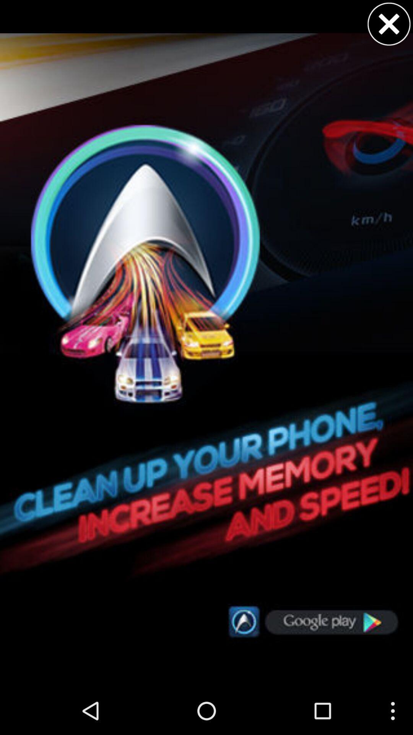 This screenshot has height=735, width=413. What do you see at coordinates (389, 24) in the screenshot?
I see `the icon at the top right corner` at bounding box center [389, 24].